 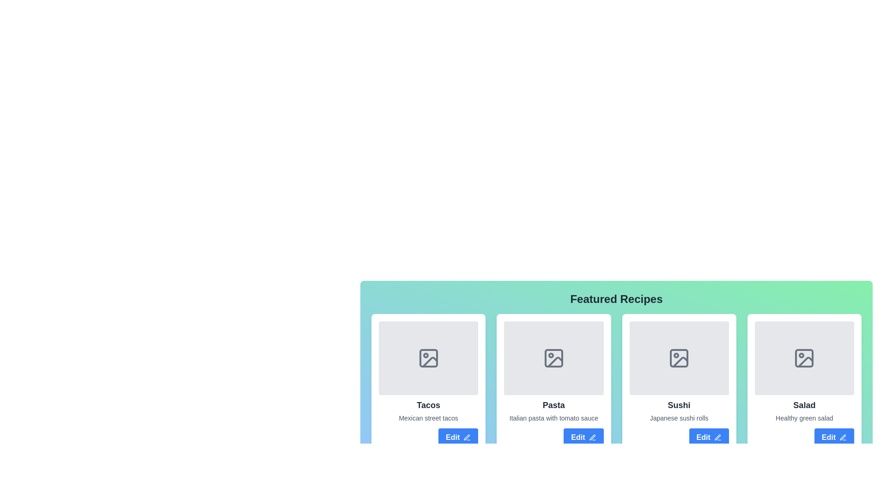 What do you see at coordinates (679, 418) in the screenshot?
I see `the text label displaying 'Japanese sushi rolls', which is styled in gray and positioned below the header 'Sushi' within the third card of the featured recipes section` at bounding box center [679, 418].